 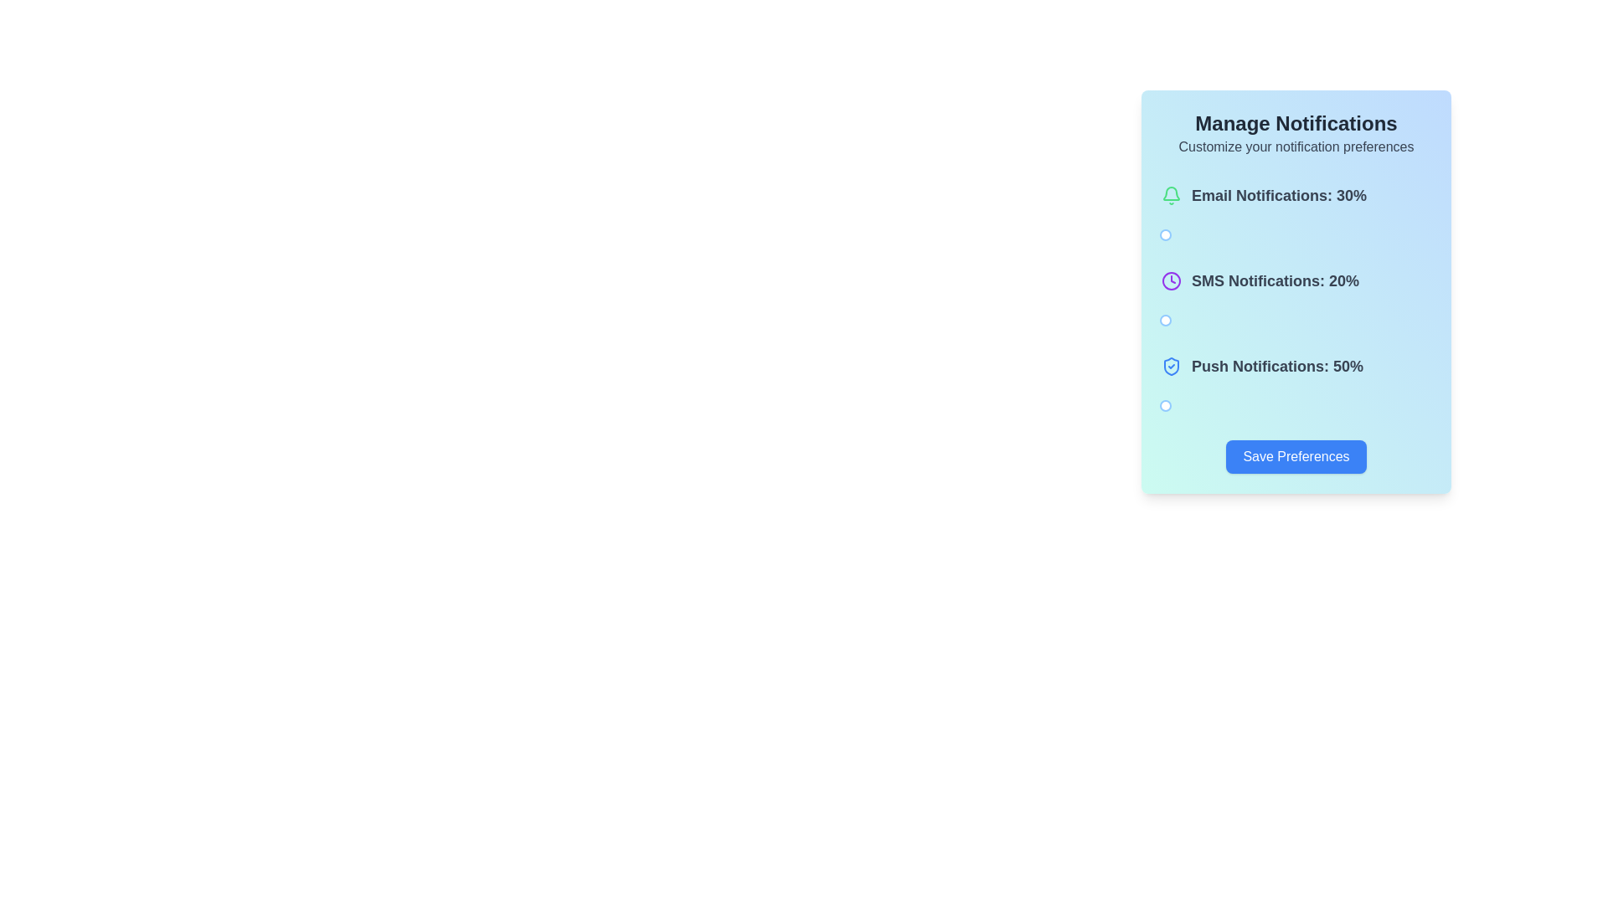 What do you see at coordinates (1170, 195) in the screenshot?
I see `the SVG Icon representing 'Email Notifications'` at bounding box center [1170, 195].